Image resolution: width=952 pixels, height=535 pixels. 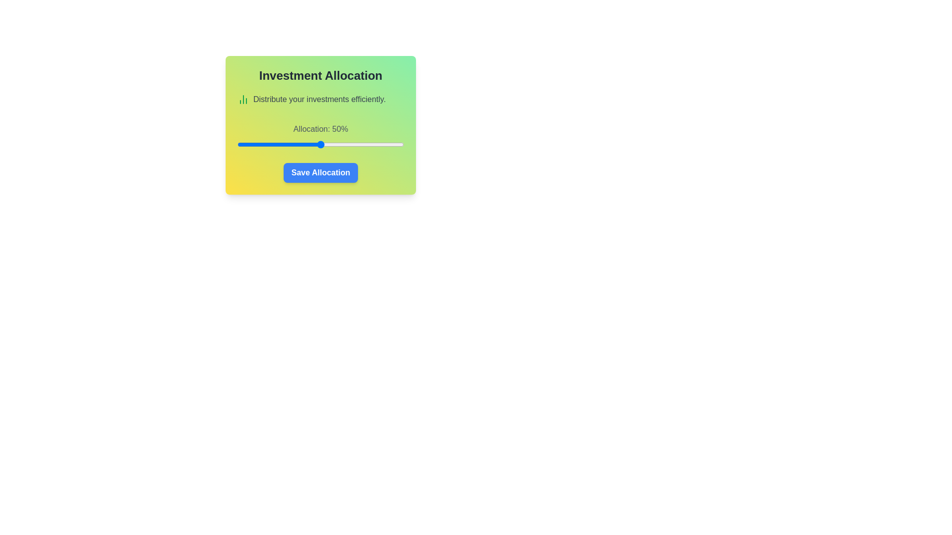 I want to click on the investment allocation slider to 56%, so click(x=331, y=145).